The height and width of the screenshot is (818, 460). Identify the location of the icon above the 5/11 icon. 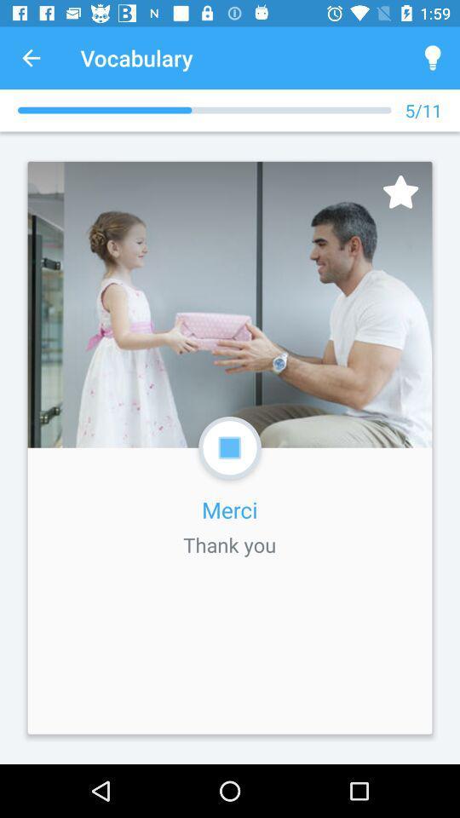
(433, 58).